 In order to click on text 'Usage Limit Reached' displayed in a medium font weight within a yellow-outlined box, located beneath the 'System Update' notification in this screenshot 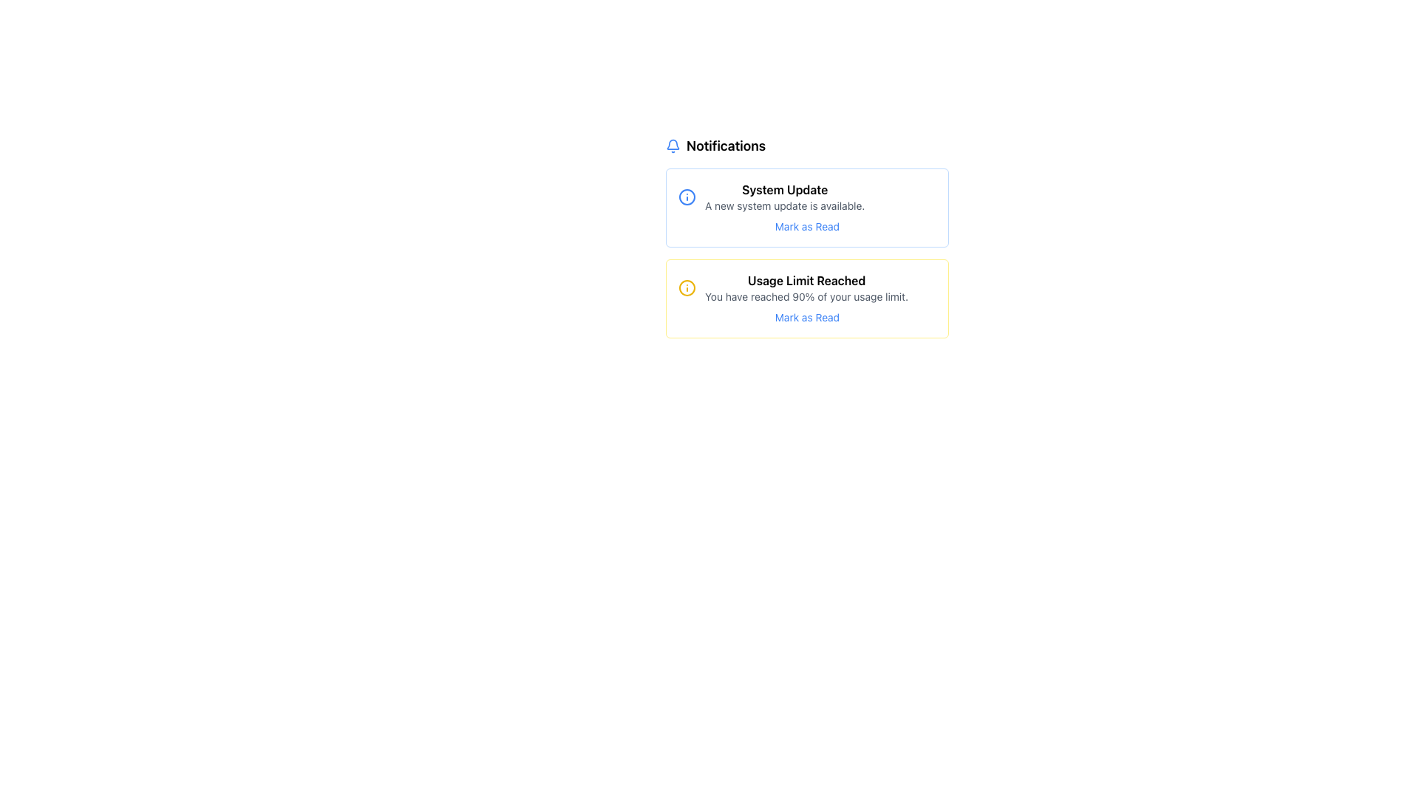, I will do `click(806, 281)`.